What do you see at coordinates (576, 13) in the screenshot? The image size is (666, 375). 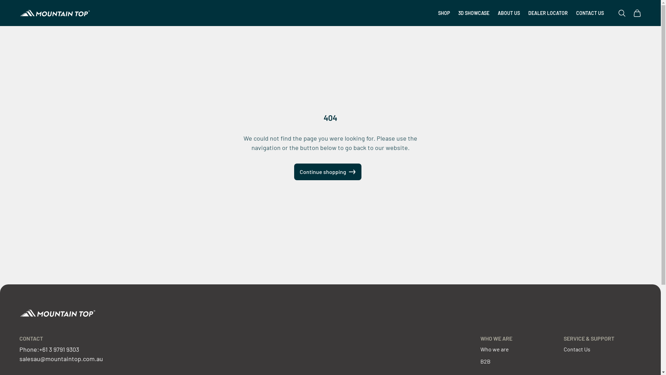 I see `'CONTACT US'` at bounding box center [576, 13].